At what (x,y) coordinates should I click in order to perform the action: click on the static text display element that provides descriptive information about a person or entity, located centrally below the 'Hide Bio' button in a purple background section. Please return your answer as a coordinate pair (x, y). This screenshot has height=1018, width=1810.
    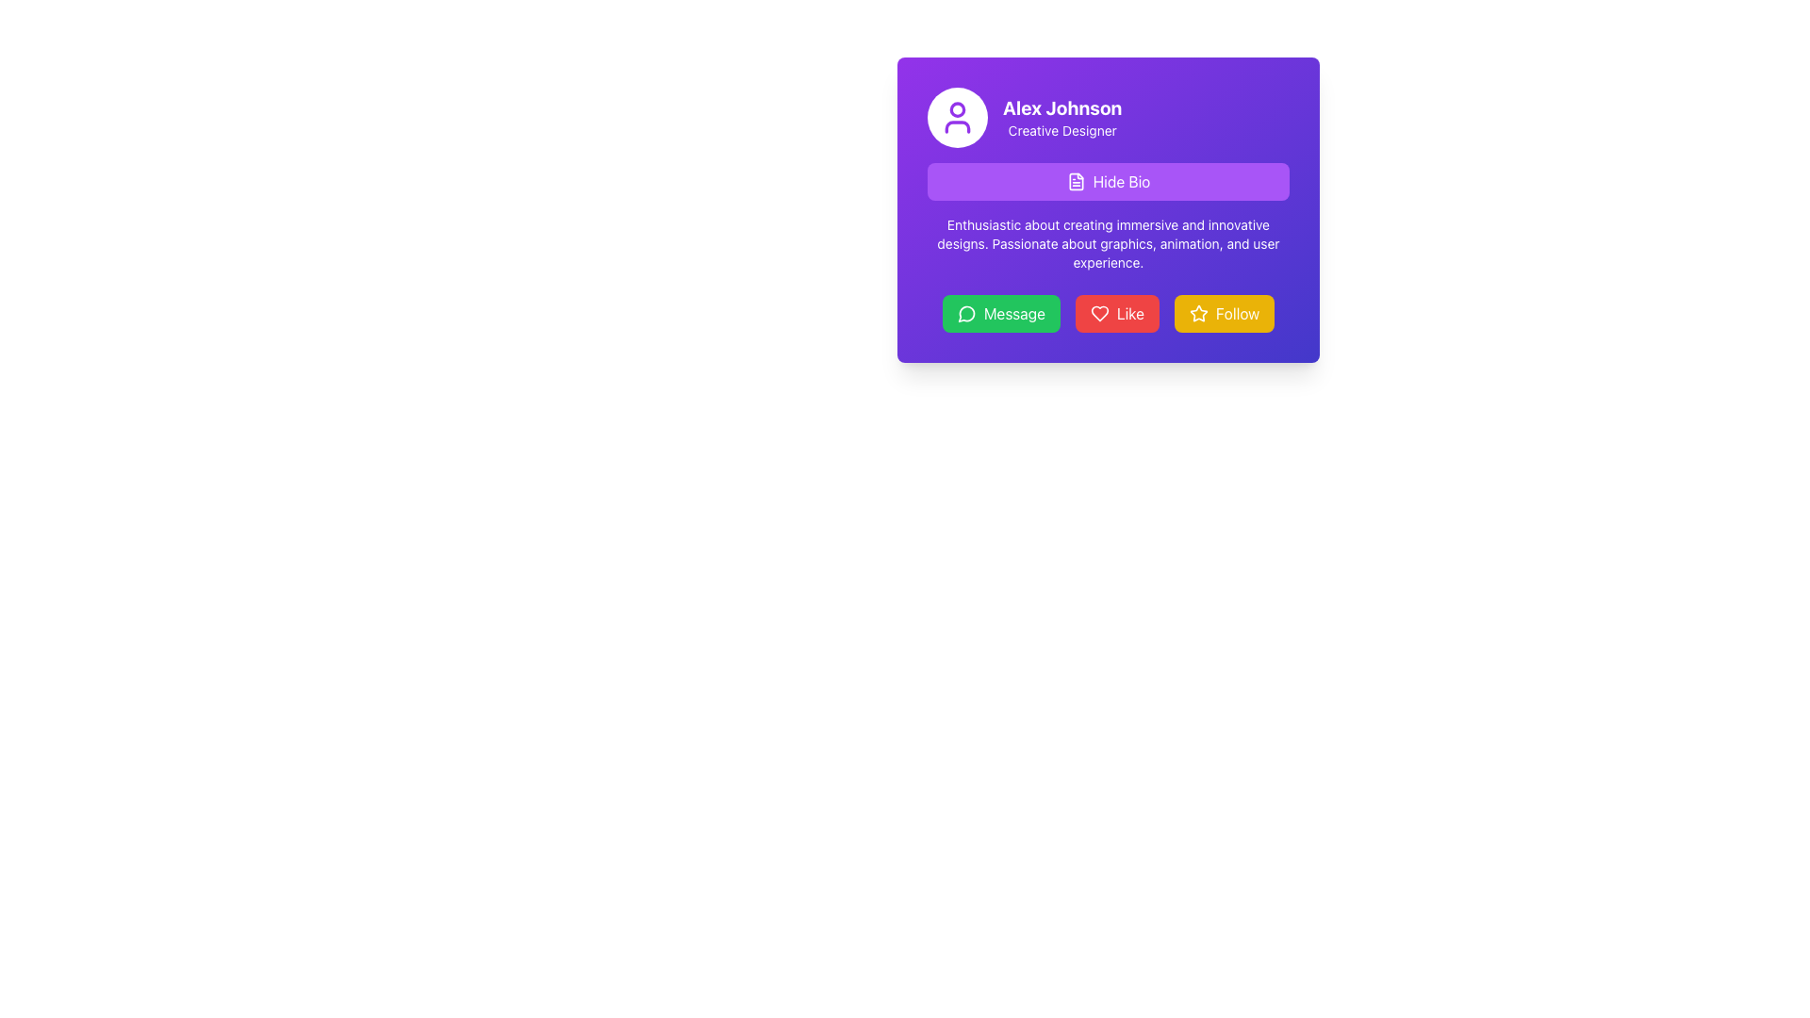
    Looking at the image, I should click on (1109, 242).